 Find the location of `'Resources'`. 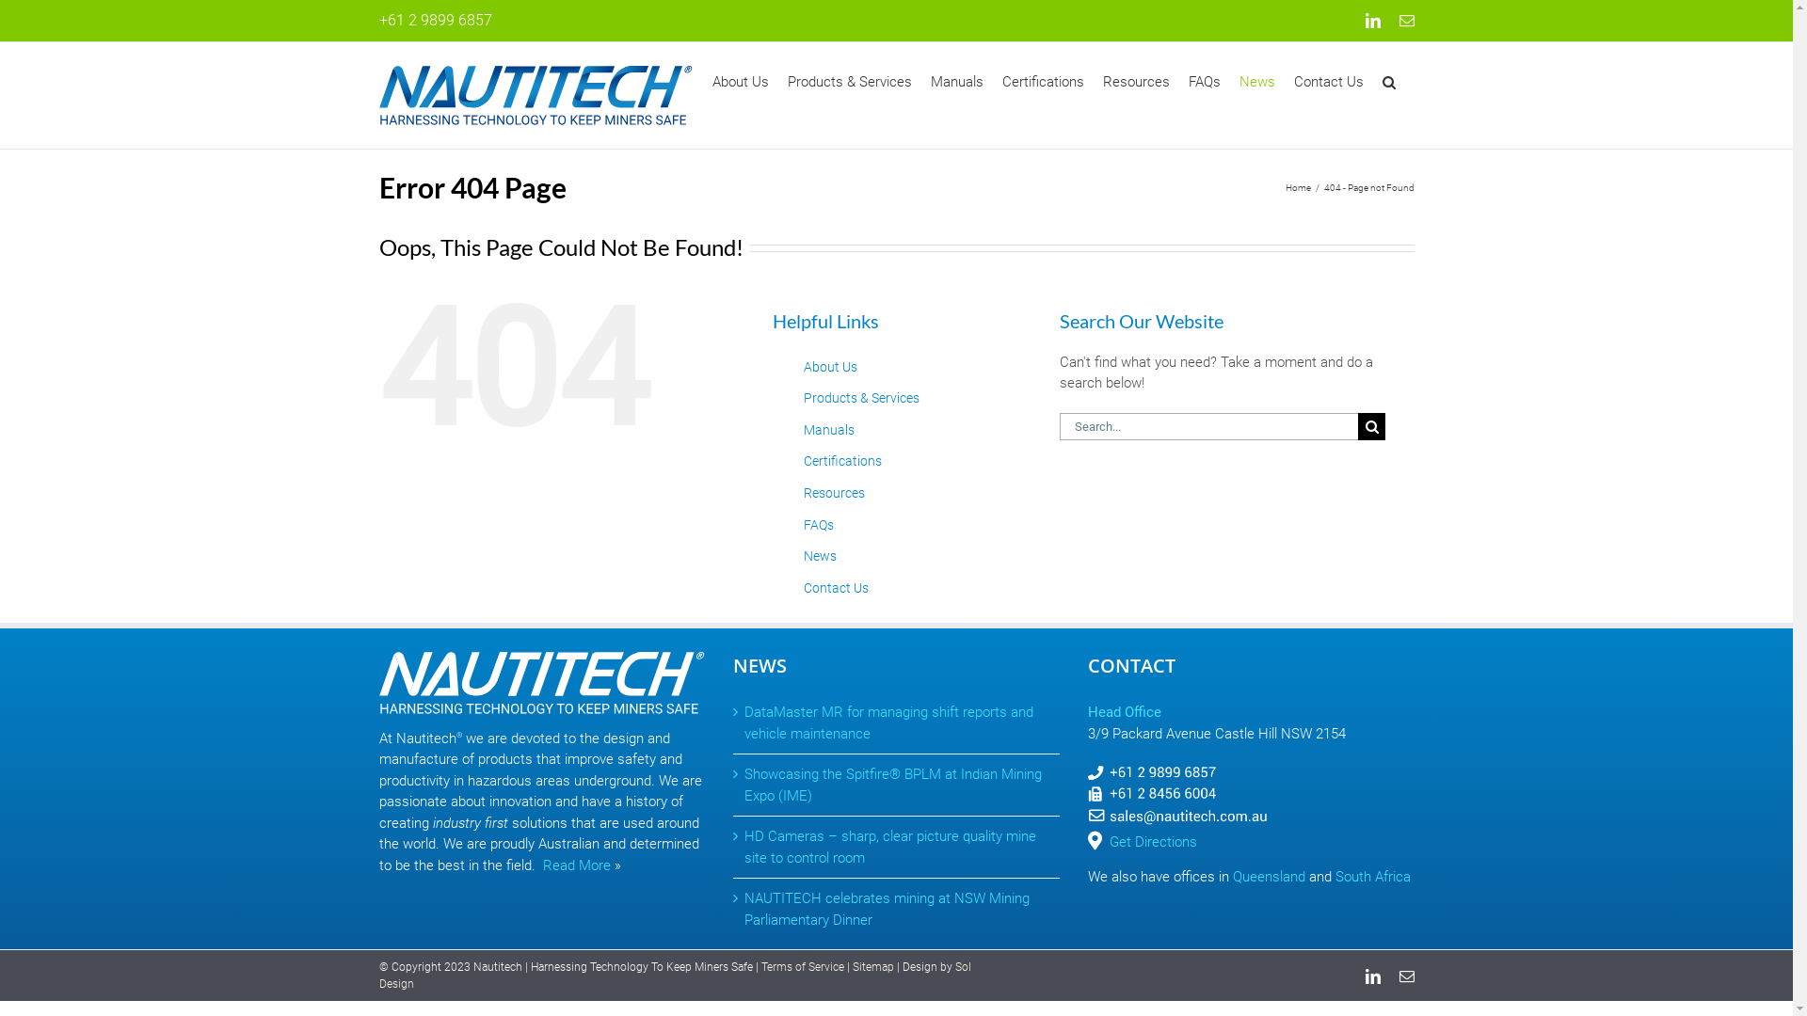

'Resources' is located at coordinates (833, 492).